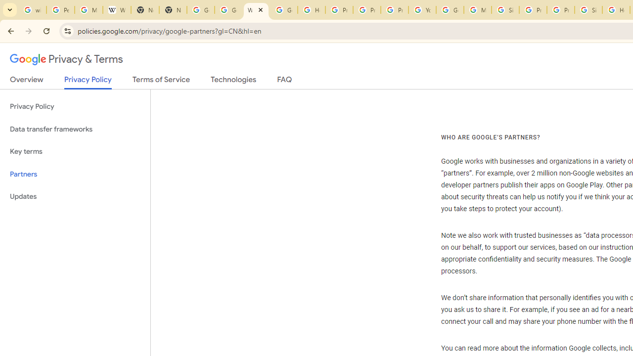 Image resolution: width=633 pixels, height=356 pixels. I want to click on 'Personalization & Google Search results - Google Search Help', so click(60, 10).